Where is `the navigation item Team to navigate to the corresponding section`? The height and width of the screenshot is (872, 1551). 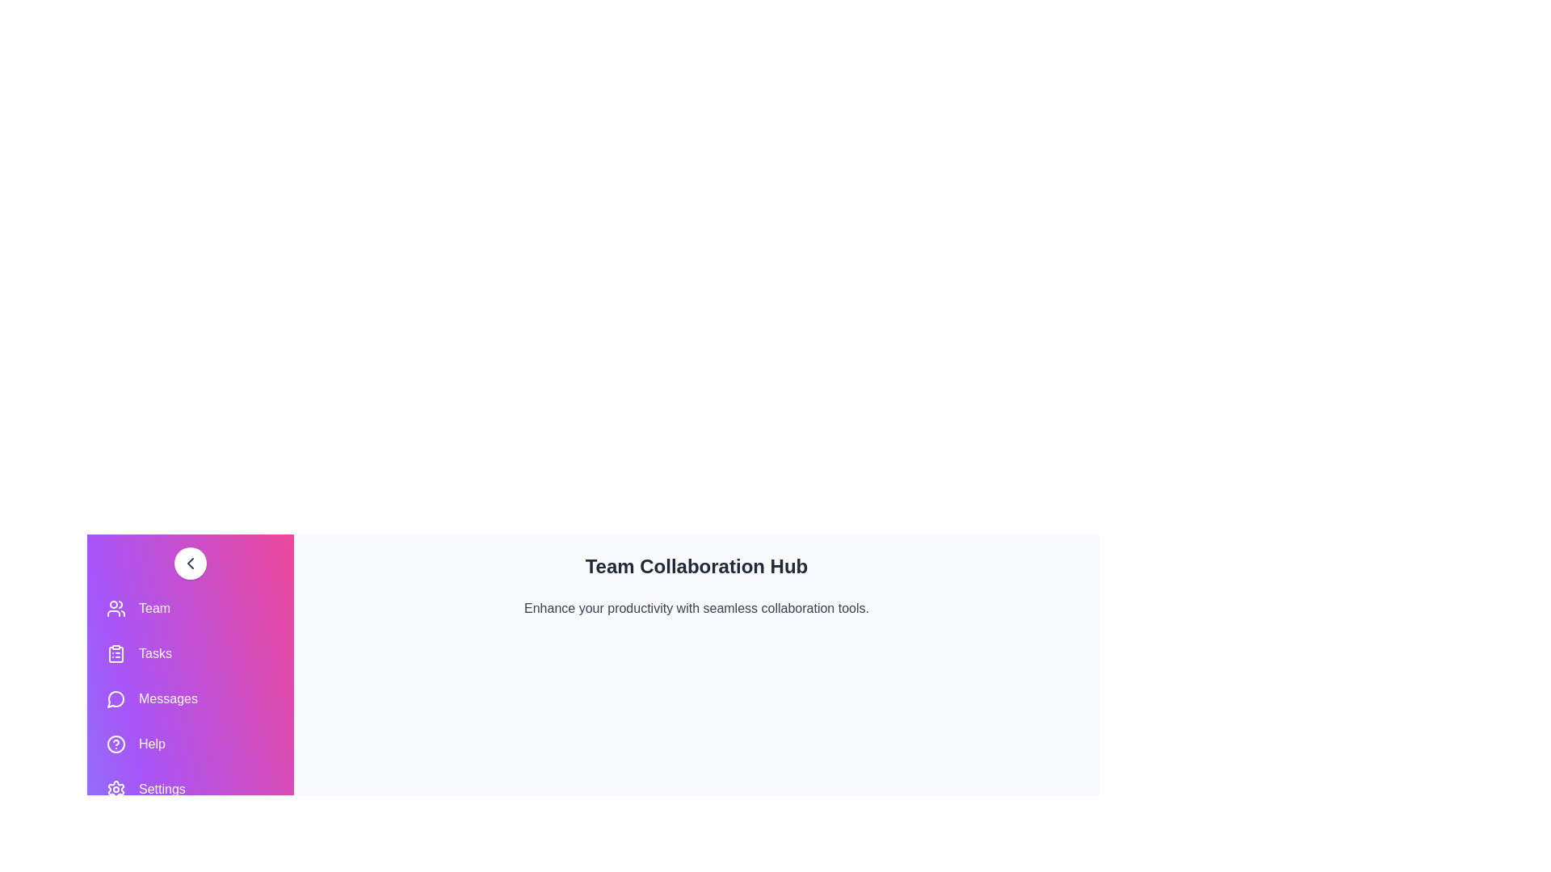
the navigation item Team to navigate to the corresponding section is located at coordinates (190, 608).